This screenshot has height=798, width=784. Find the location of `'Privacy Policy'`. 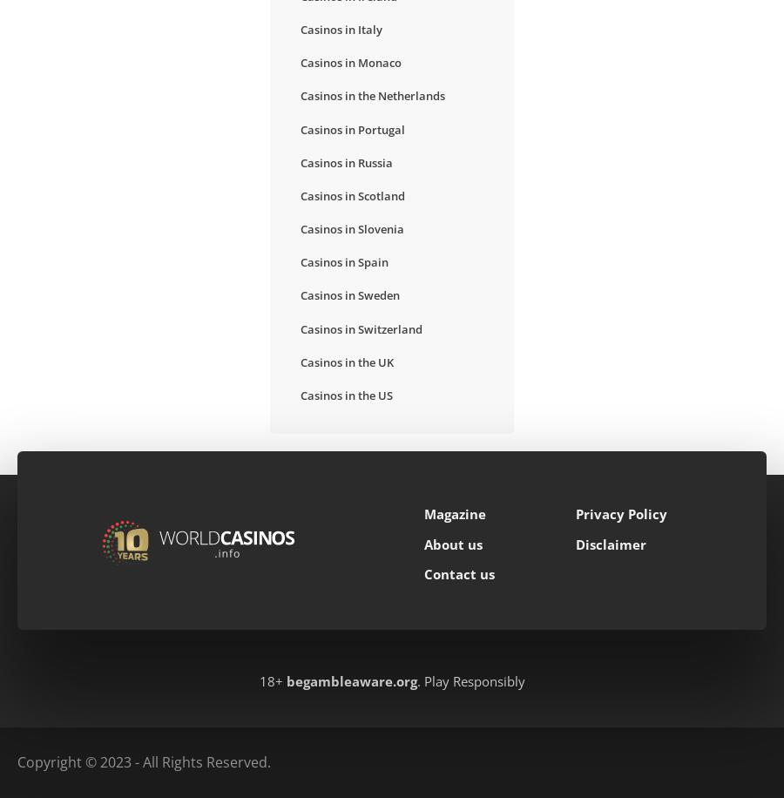

'Privacy Policy' is located at coordinates (620, 513).